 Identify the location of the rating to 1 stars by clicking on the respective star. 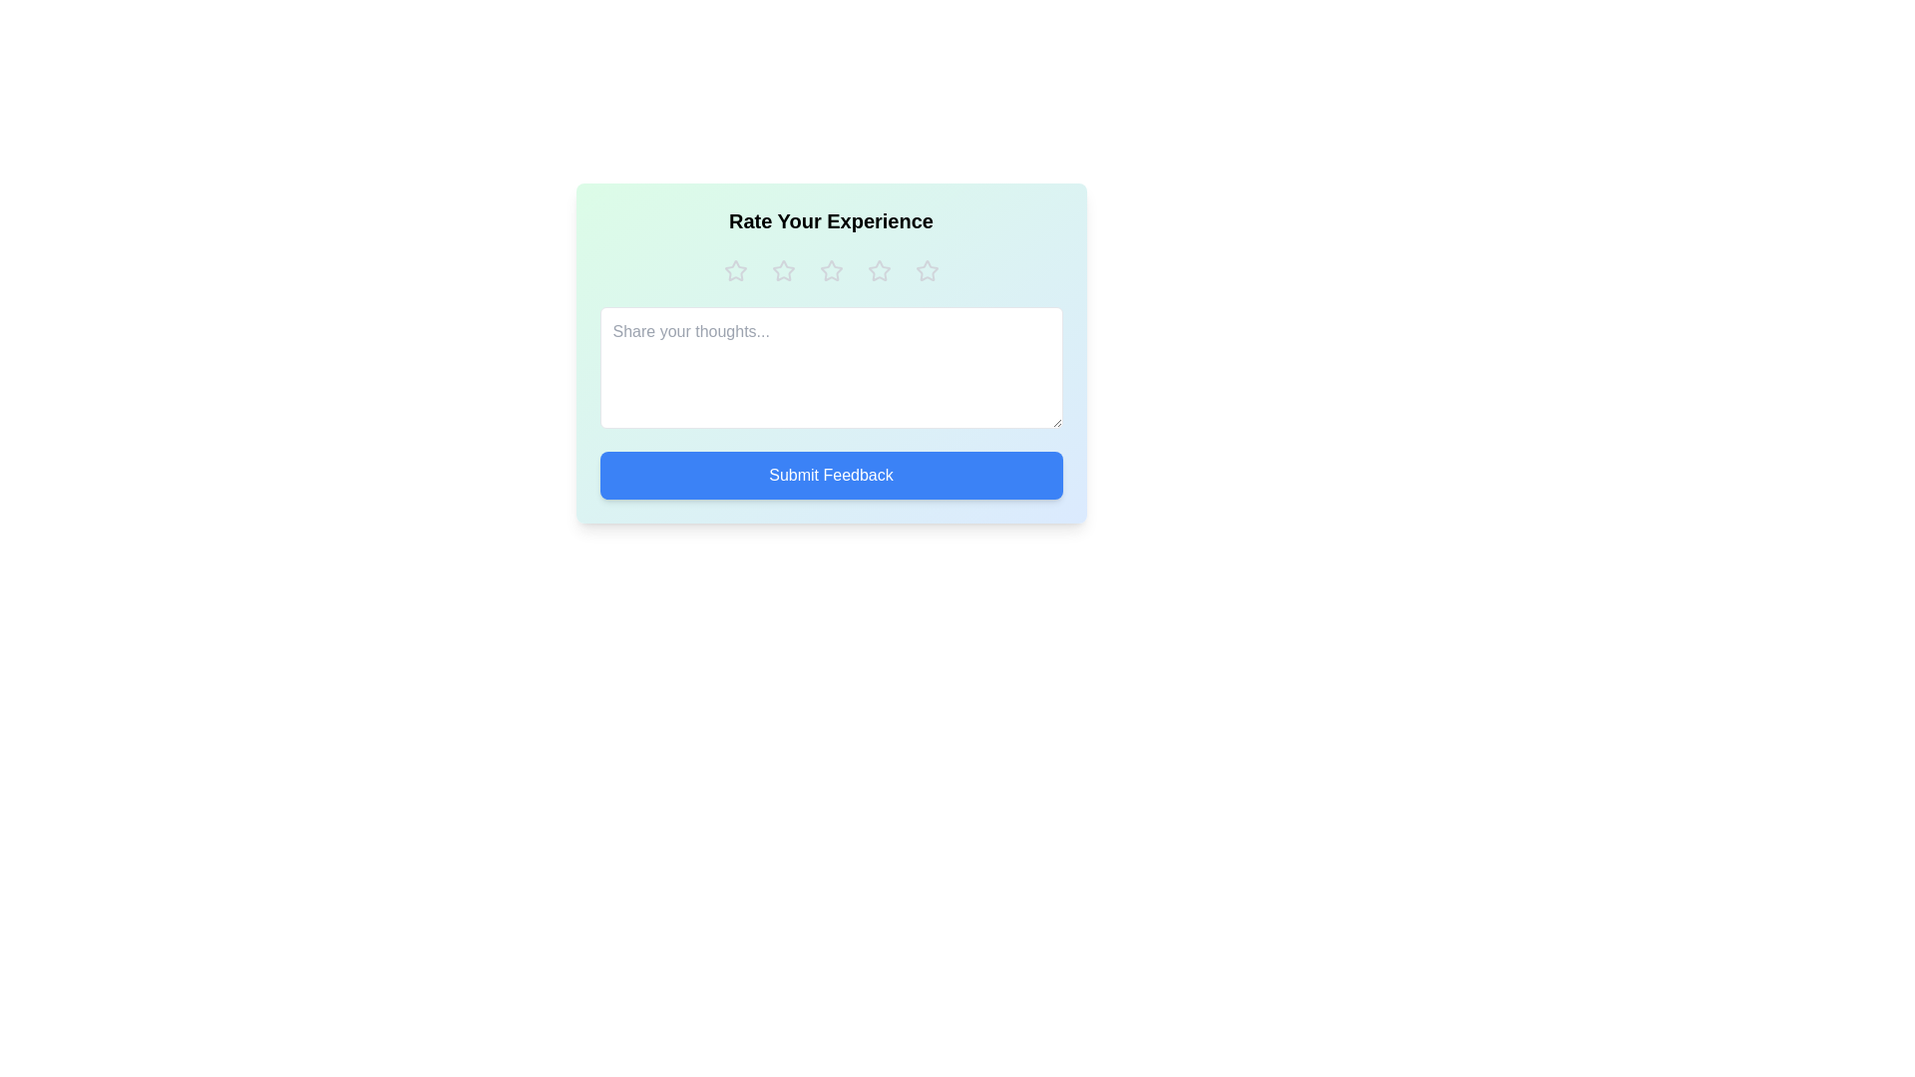
(734, 271).